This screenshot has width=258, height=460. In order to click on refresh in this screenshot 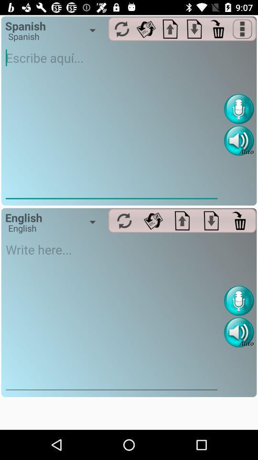, I will do `click(122, 28)`.